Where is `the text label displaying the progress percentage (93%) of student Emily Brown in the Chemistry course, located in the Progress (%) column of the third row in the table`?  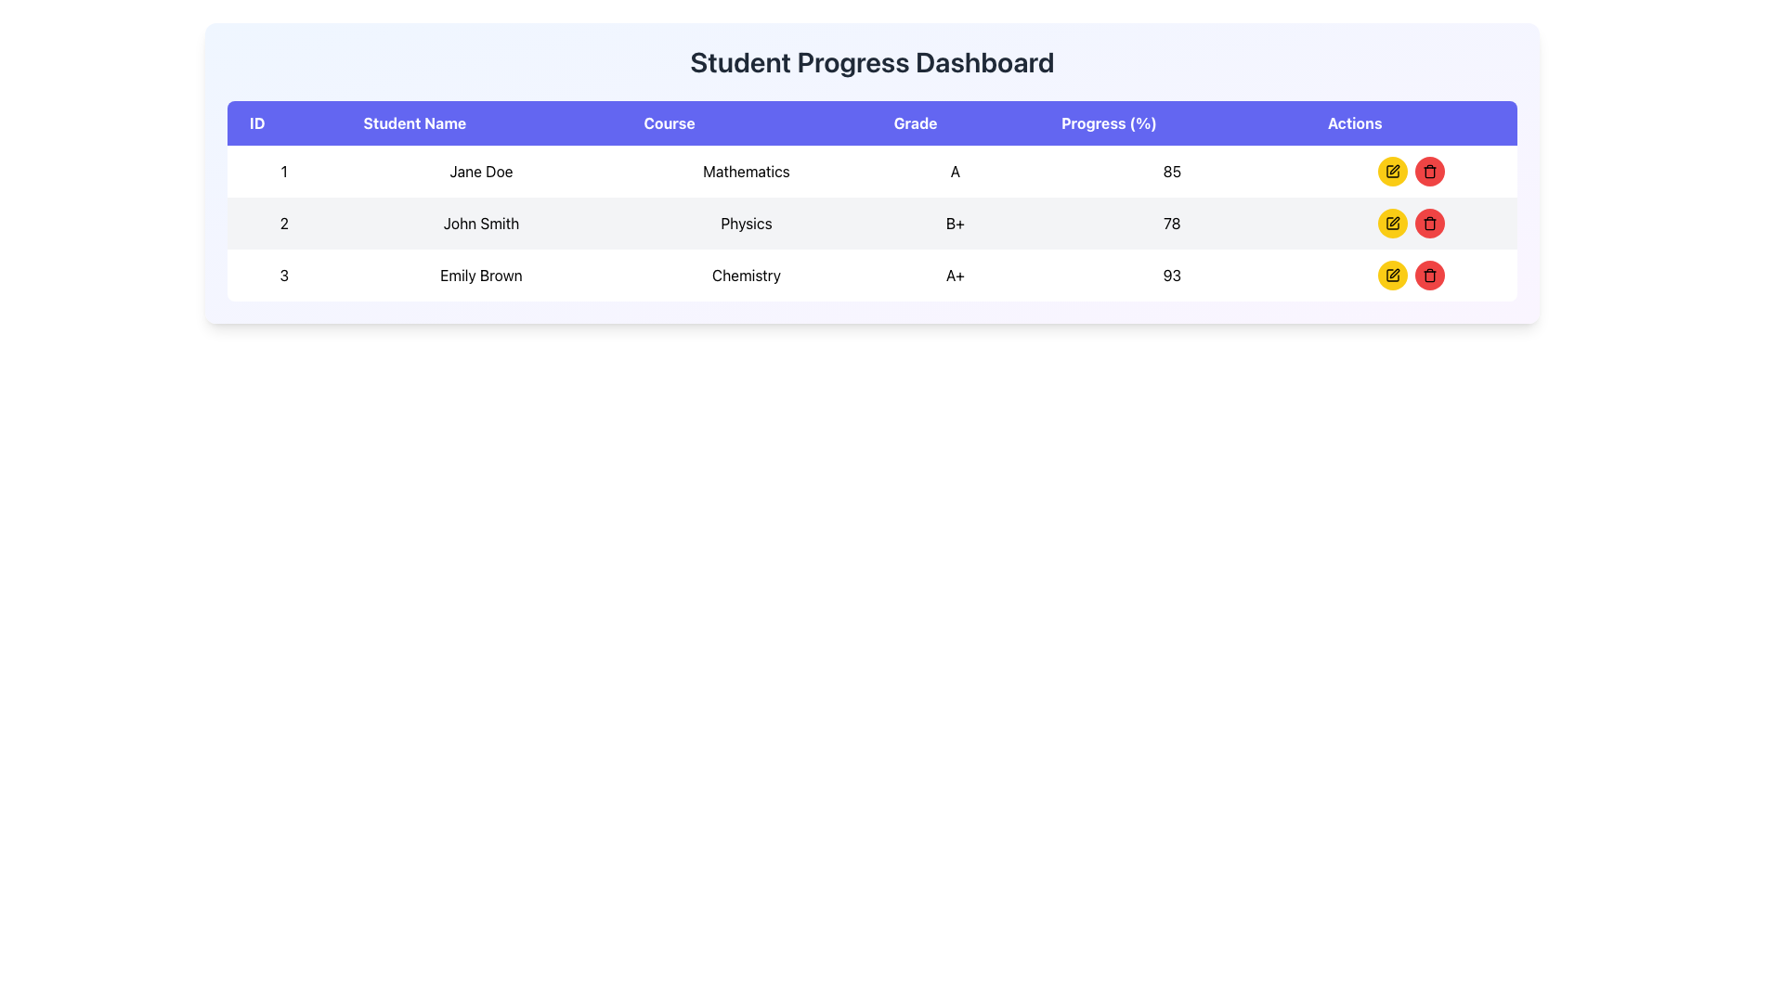 the text label displaying the progress percentage (93%) of student Emily Brown in the Chemistry course, located in the Progress (%) column of the third row in the table is located at coordinates (1171, 276).